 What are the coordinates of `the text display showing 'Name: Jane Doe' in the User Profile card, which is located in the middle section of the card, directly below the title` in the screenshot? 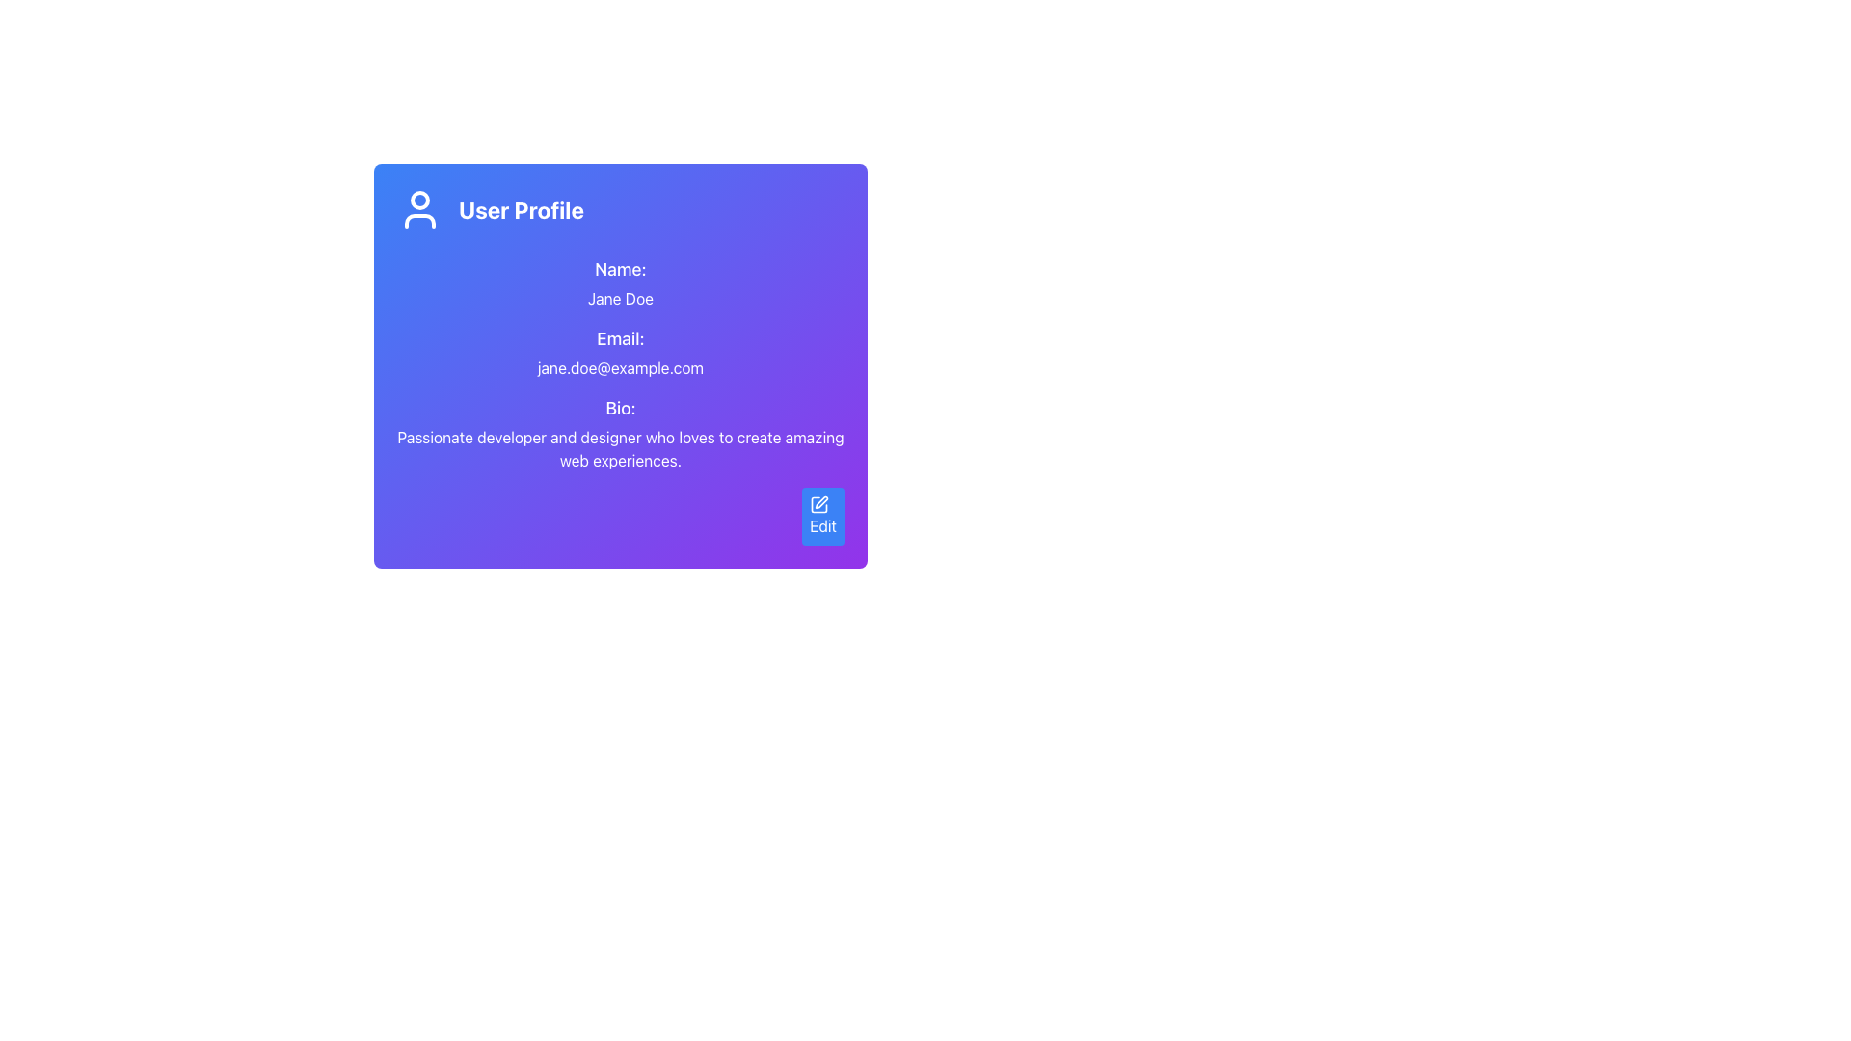 It's located at (620, 282).